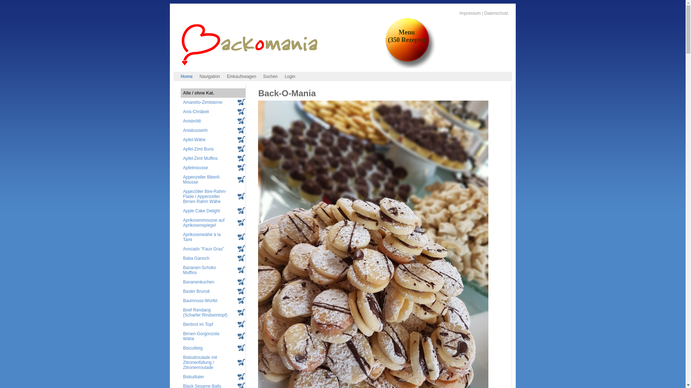 This screenshot has width=691, height=388. What do you see at coordinates (270, 76) in the screenshot?
I see `'Suchen'` at bounding box center [270, 76].